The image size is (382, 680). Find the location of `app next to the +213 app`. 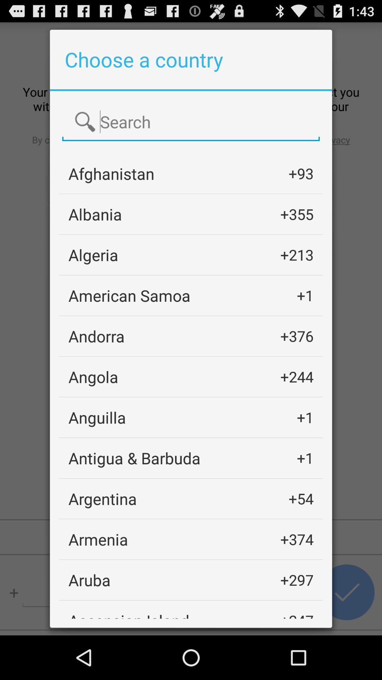

app next to the +213 app is located at coordinates (93, 255).